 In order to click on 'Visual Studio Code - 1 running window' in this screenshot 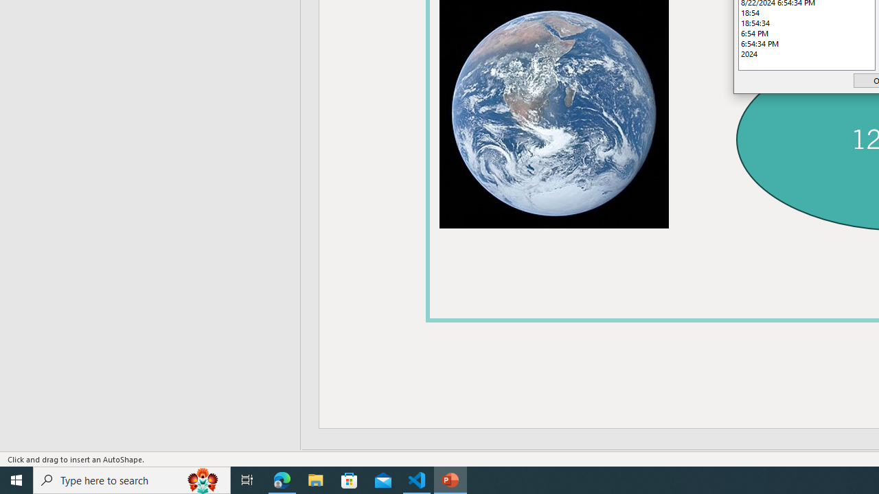, I will do `click(416, 479)`.